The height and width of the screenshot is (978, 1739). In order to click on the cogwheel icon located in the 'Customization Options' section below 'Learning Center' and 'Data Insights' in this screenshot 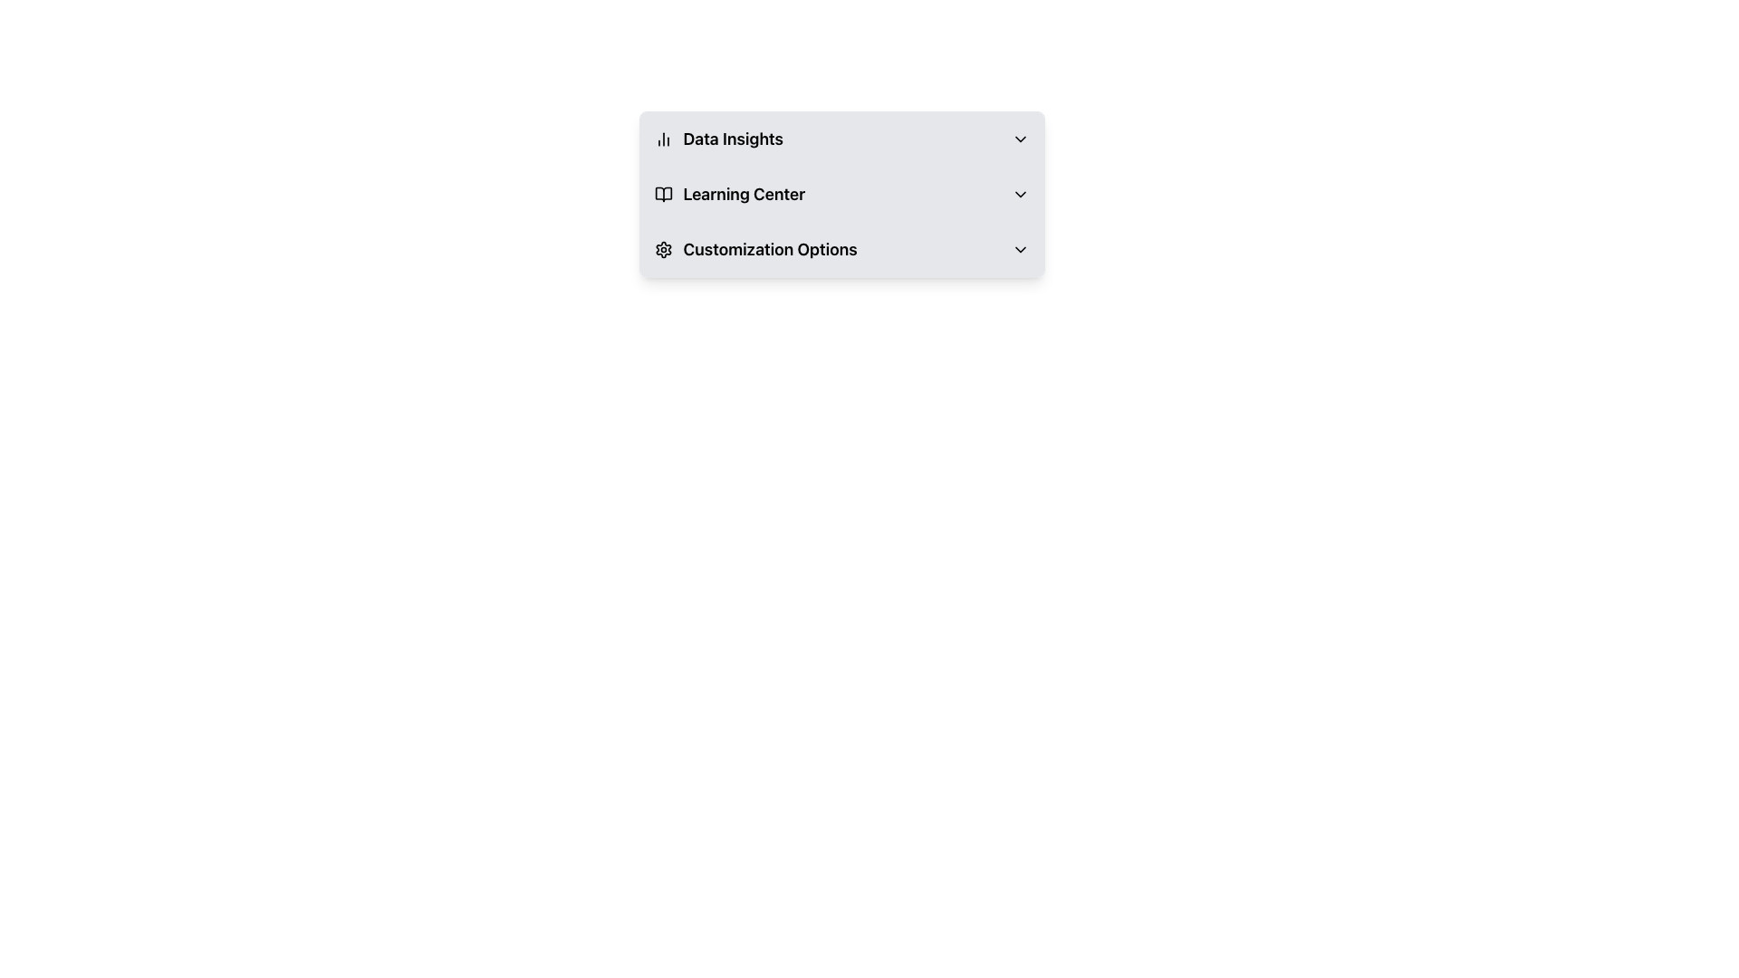, I will do `click(662, 250)`.